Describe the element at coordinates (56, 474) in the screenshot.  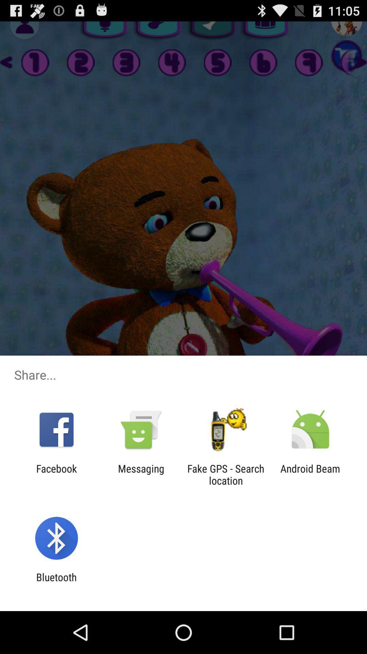
I see `the item next to the messaging` at that location.